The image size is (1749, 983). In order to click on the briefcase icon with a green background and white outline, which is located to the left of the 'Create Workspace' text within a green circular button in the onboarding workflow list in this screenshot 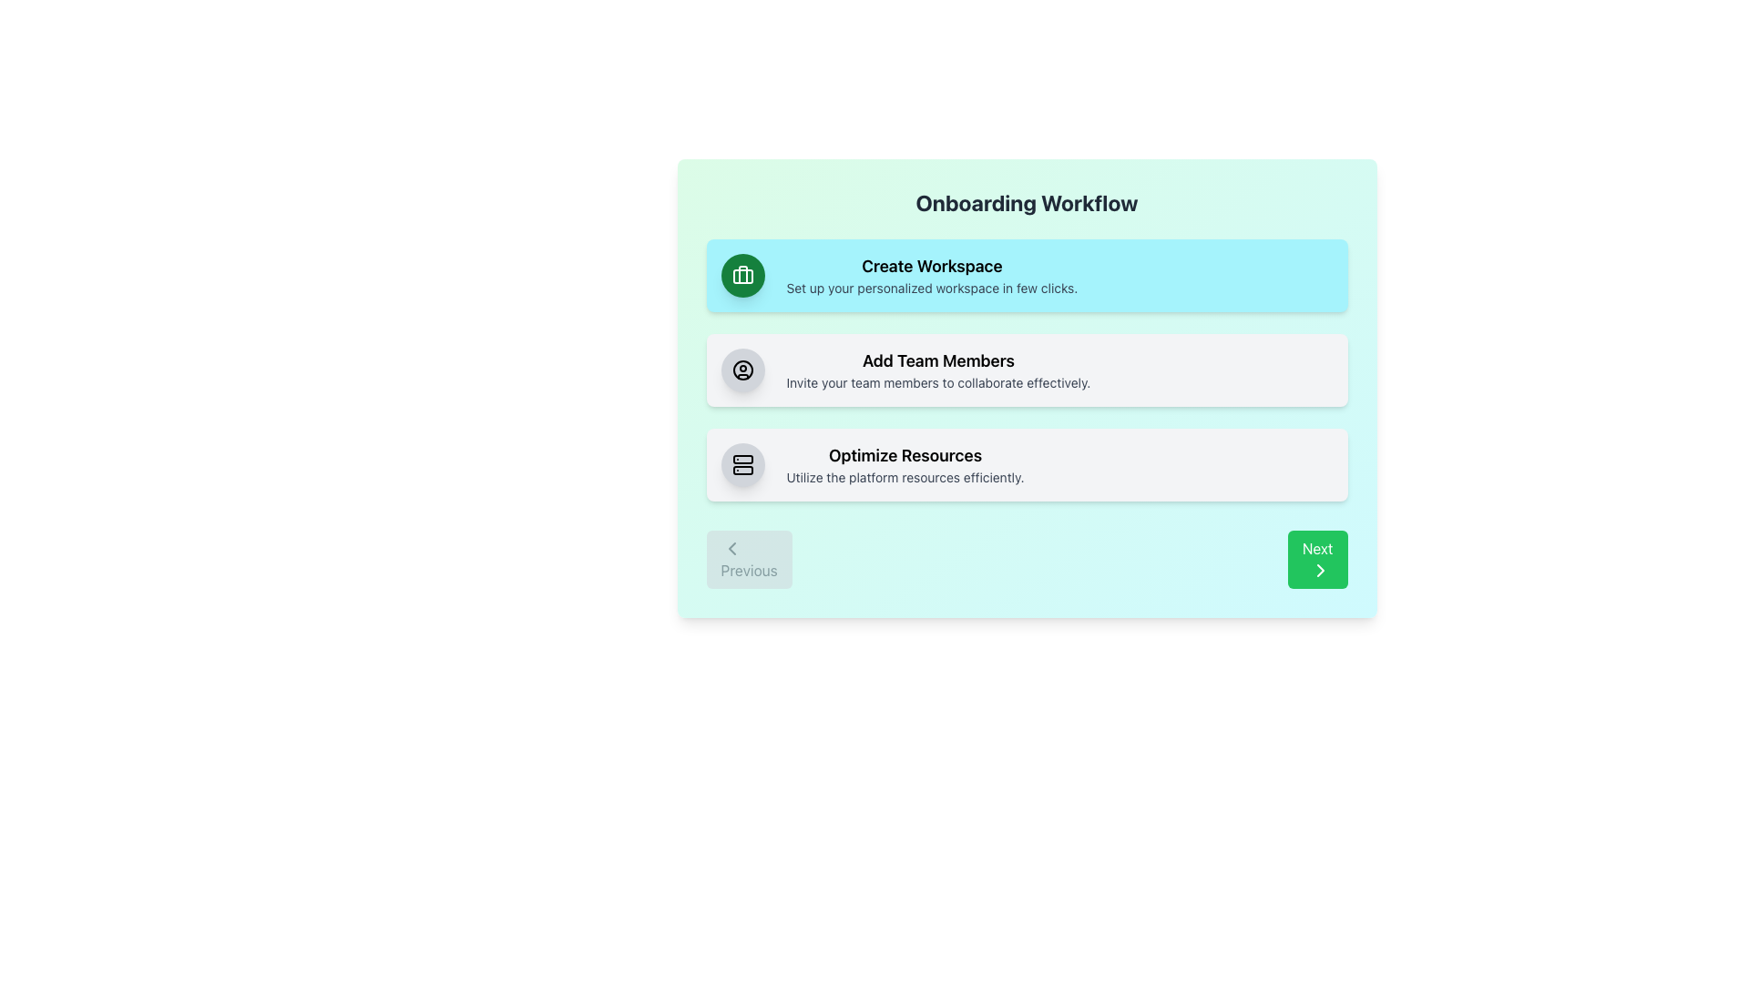, I will do `click(742, 276)`.